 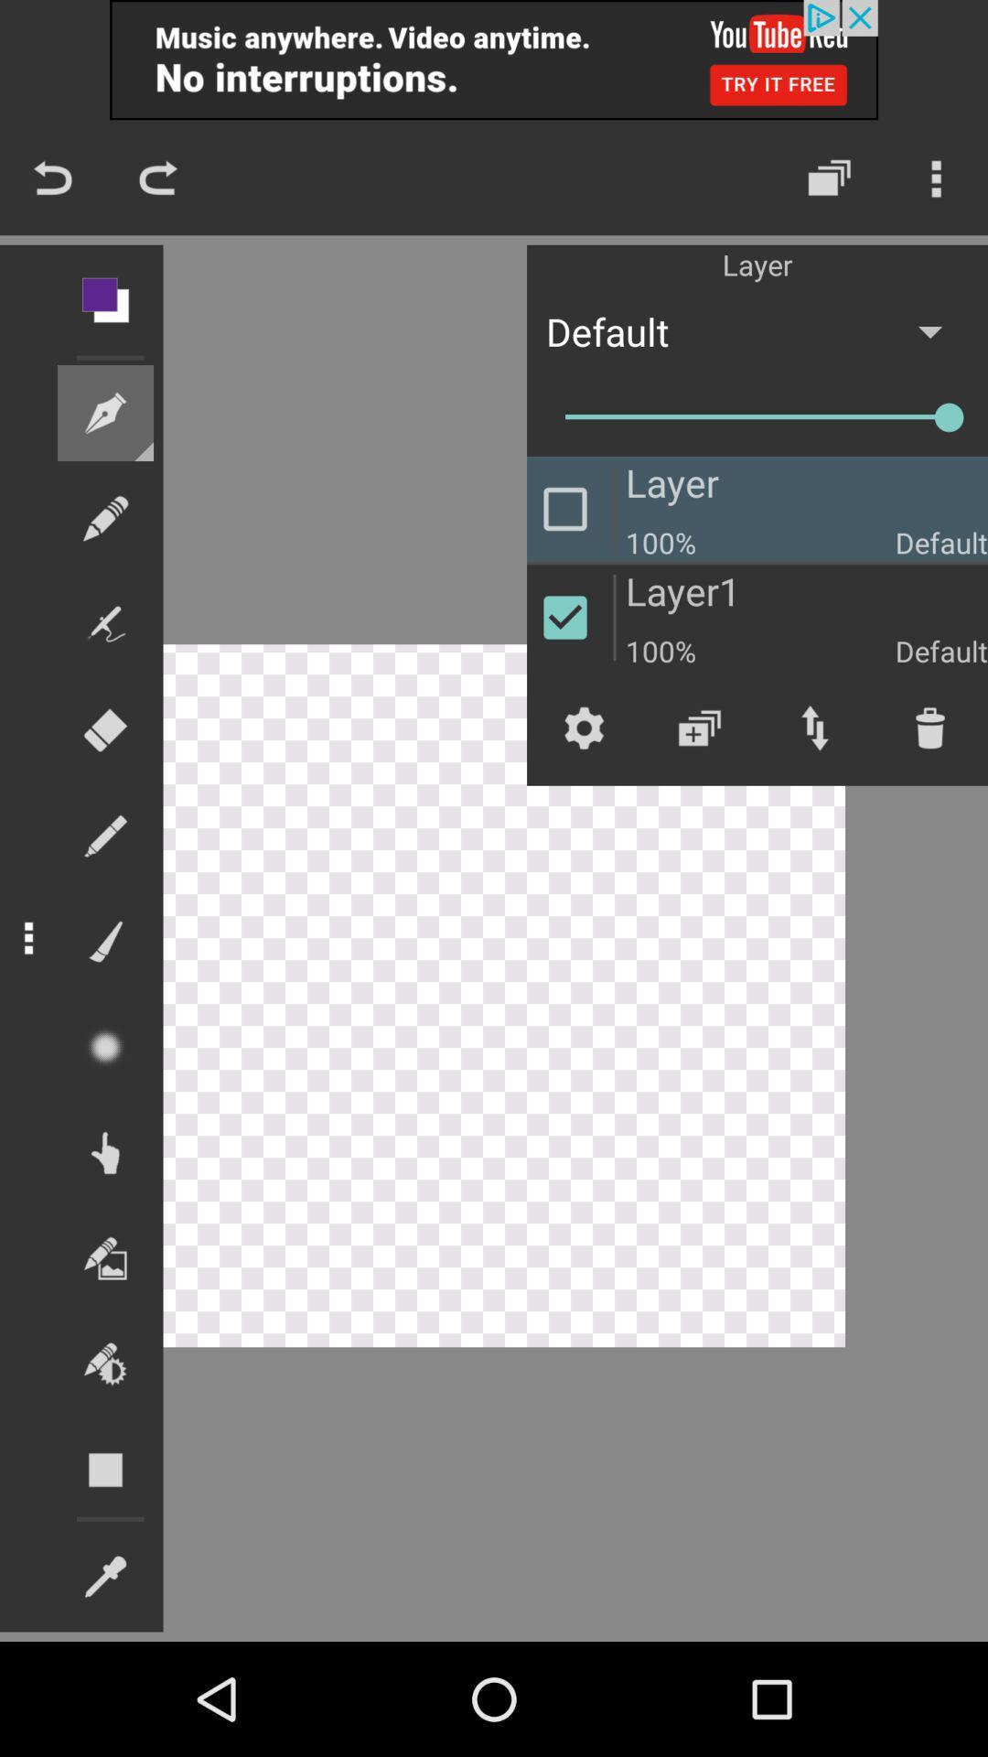 I want to click on the edit icon, so click(x=105, y=835).